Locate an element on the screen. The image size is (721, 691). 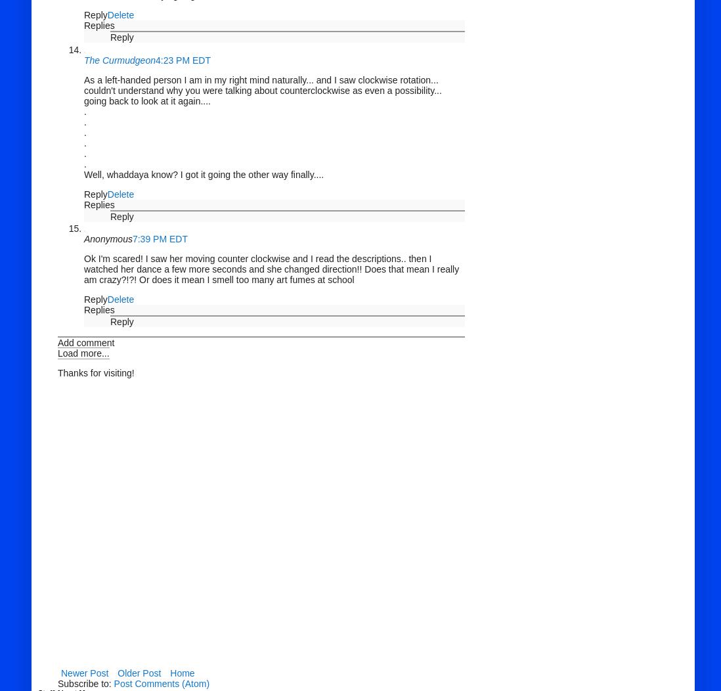
'As a left-handed person I am in my right mind naturally... and I saw clockwise rotation... couldn't understand why you were talking about counterclockwise as even a possibility... going back to look at it again....' is located at coordinates (262, 89).